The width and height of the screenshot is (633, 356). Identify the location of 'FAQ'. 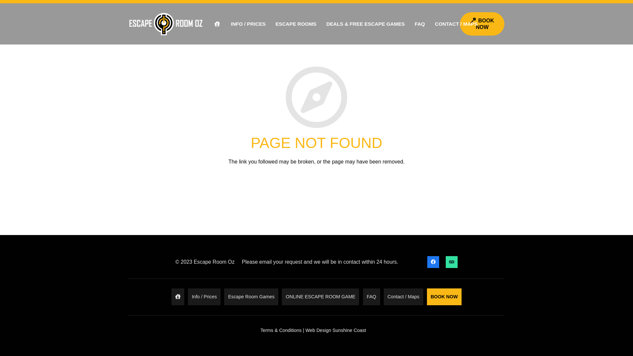
(372, 297).